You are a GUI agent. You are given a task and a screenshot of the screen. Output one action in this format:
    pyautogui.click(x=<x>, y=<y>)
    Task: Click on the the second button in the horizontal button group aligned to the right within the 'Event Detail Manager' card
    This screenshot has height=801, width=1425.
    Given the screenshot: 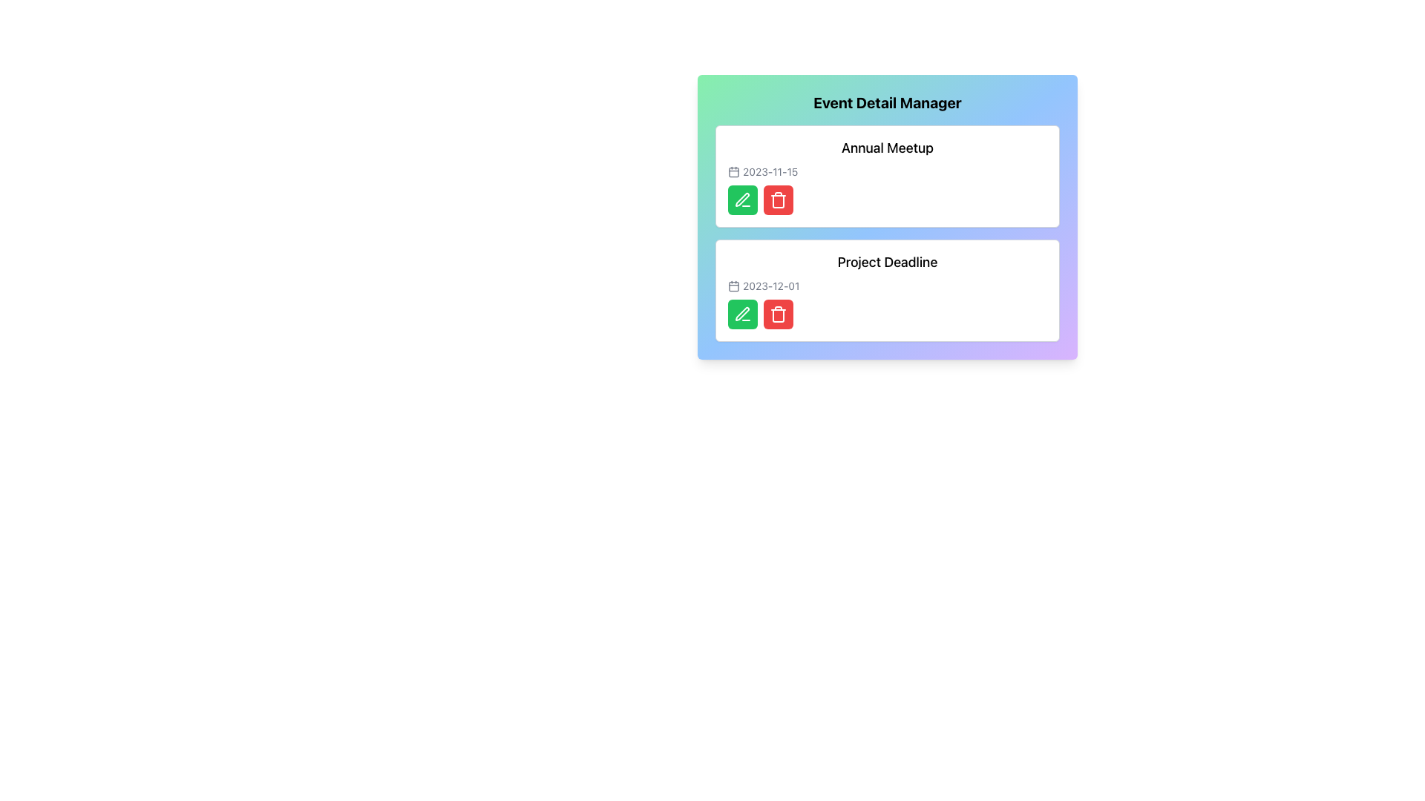 What is the action you would take?
    pyautogui.click(x=778, y=200)
    